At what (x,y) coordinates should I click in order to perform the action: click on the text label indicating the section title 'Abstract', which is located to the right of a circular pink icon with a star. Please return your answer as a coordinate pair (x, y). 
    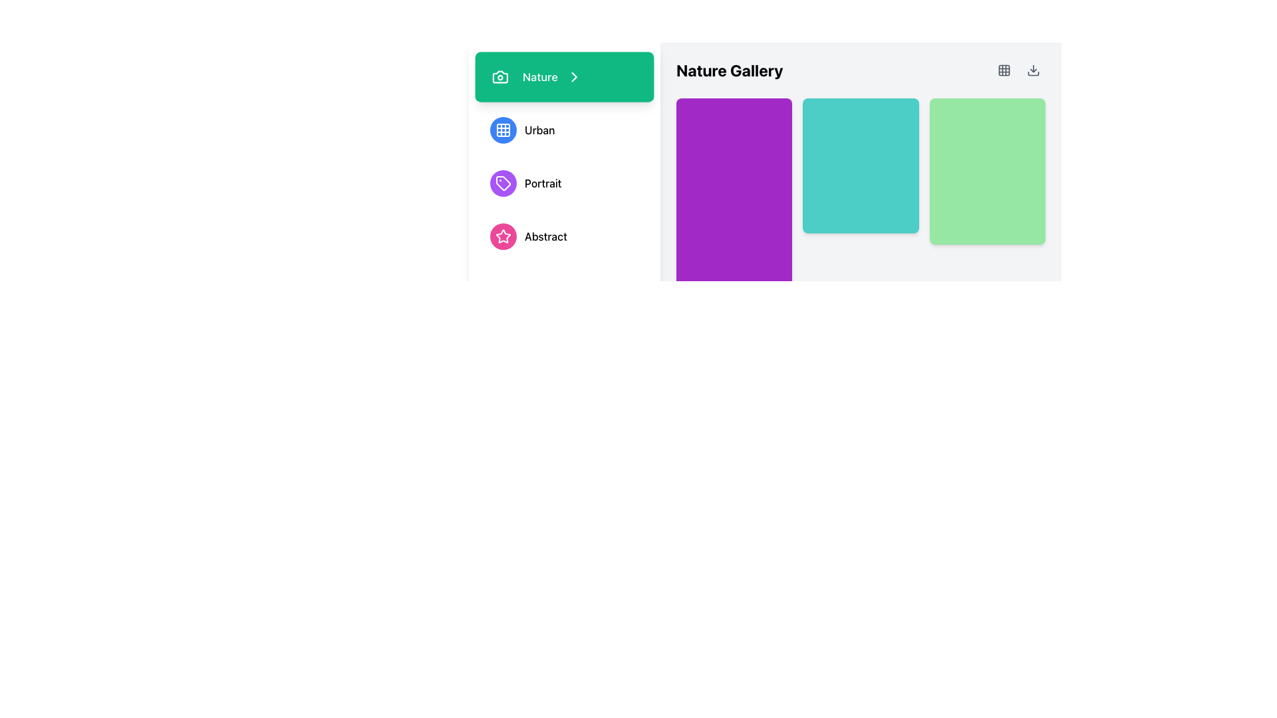
    Looking at the image, I should click on (545, 235).